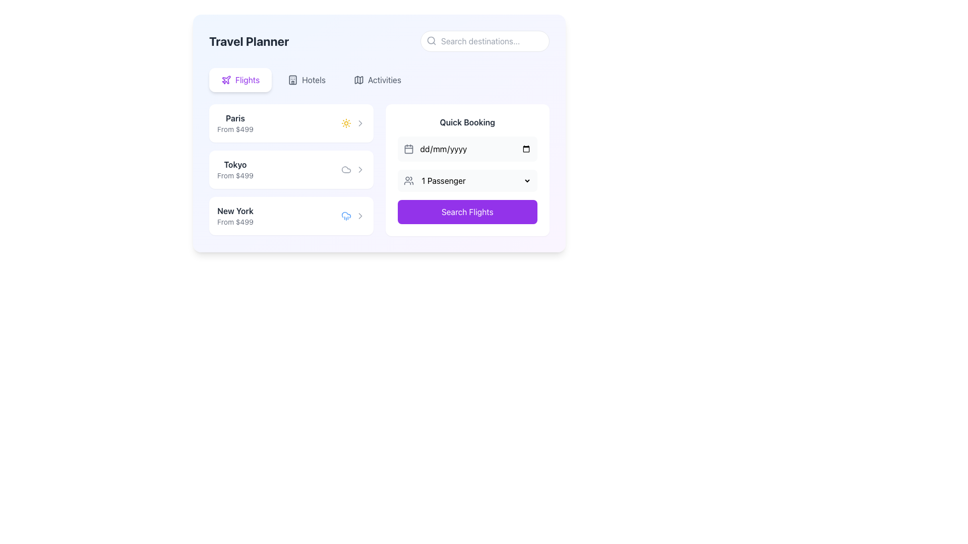 The width and height of the screenshot is (968, 544). Describe the element at coordinates (290, 169) in the screenshot. I see `the travel destination option for 'Tokyo', the second item in the list under the 'Flights' tab of the 'Travel Planner' interface` at that location.